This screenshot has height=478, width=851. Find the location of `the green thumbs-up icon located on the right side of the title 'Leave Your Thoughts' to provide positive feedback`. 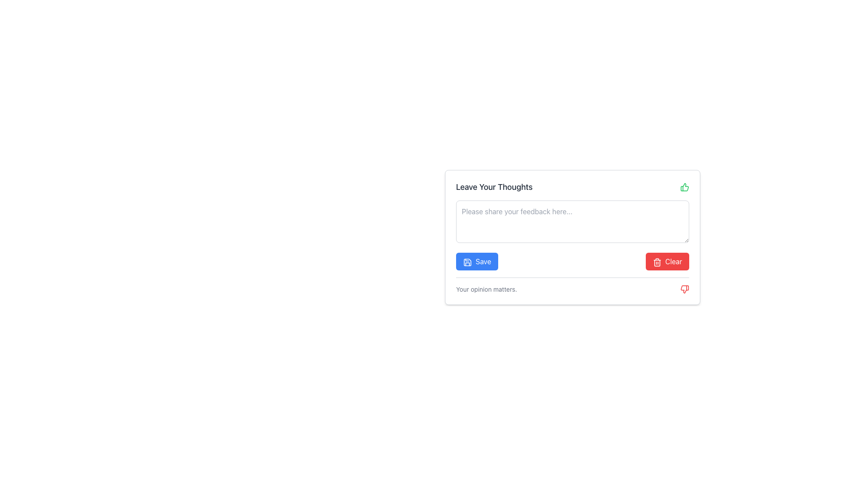

the green thumbs-up icon located on the right side of the title 'Leave Your Thoughts' to provide positive feedback is located at coordinates (684, 187).